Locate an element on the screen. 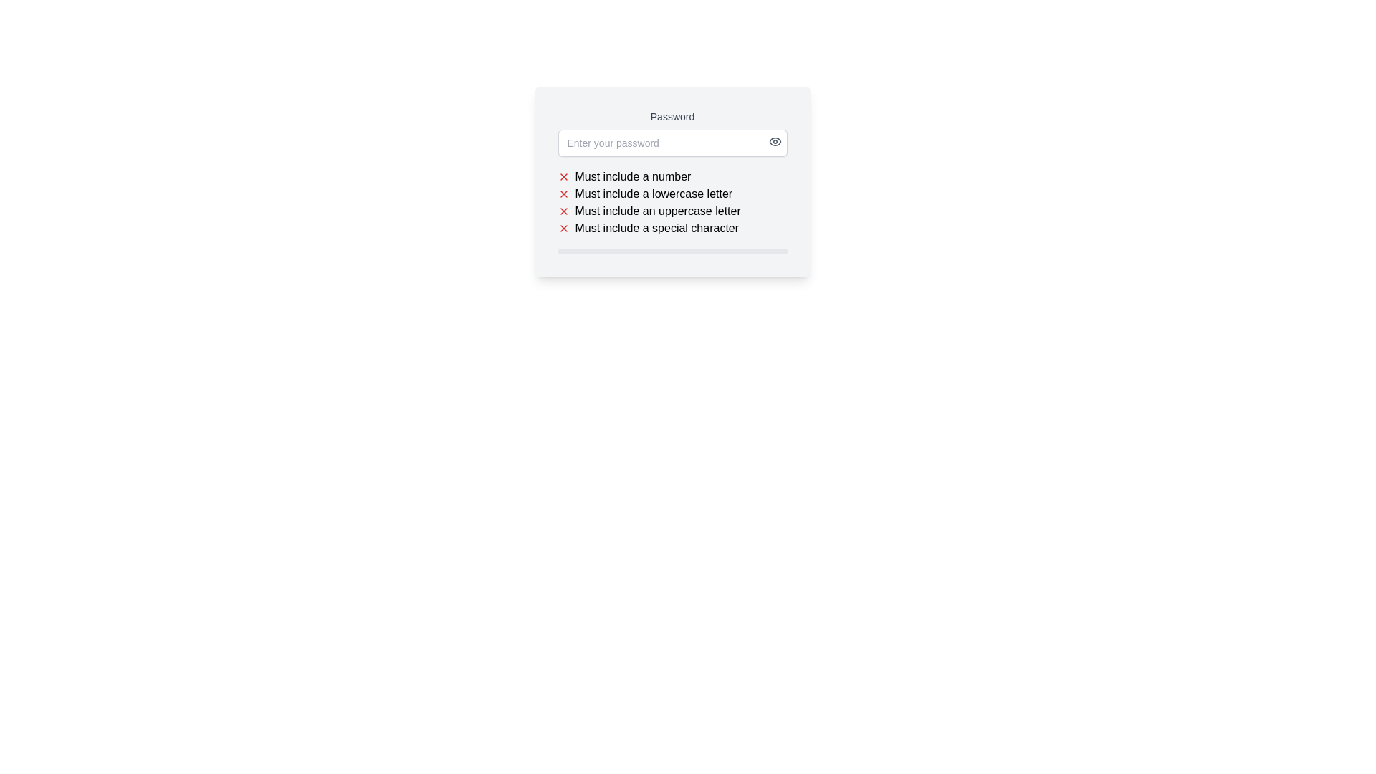 The image size is (1376, 774). the static text message that displays 'Must include a lowercase letter', which is the second validation message in a vertically stacked list below the password input field is located at coordinates (653, 193).